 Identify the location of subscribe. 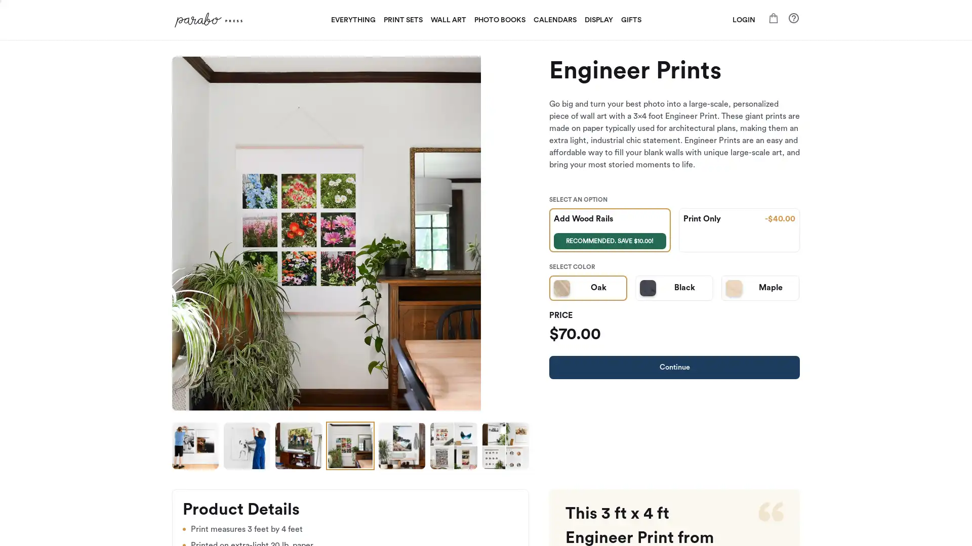
(556, 389).